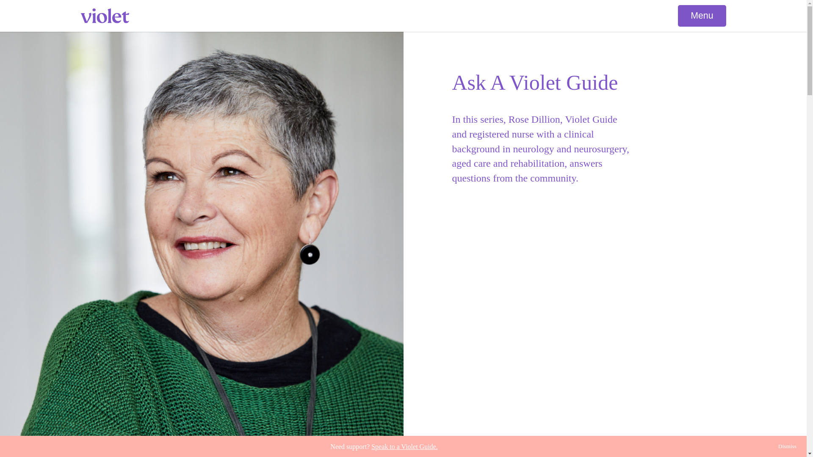 Image resolution: width=813 pixels, height=457 pixels. What do you see at coordinates (104, 16) in the screenshot?
I see `'Violet logo'` at bounding box center [104, 16].